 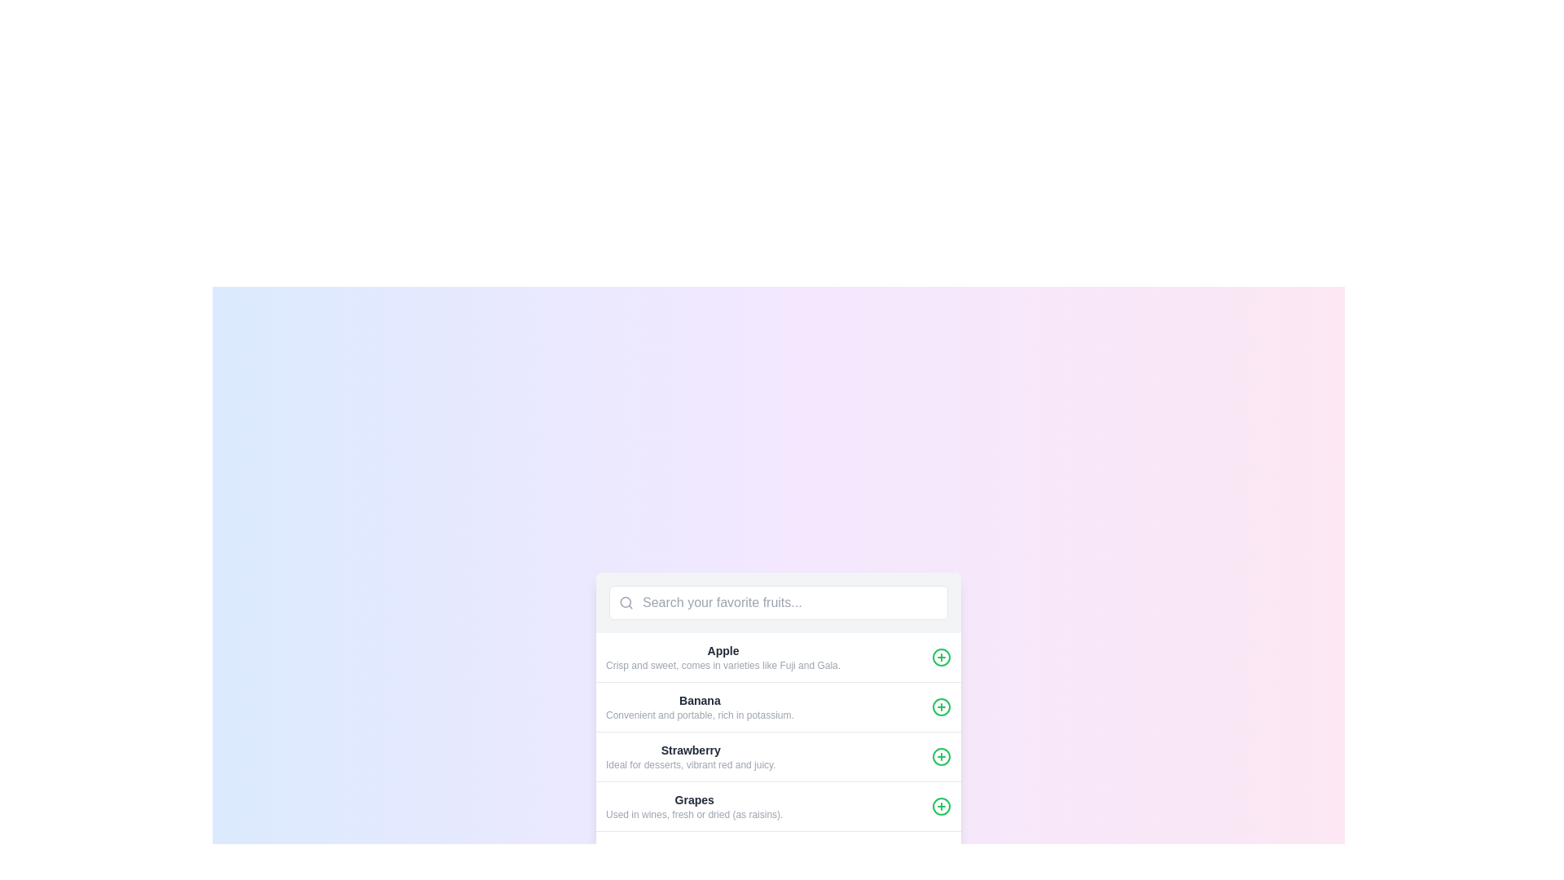 What do you see at coordinates (942, 807) in the screenshot?
I see `the button located in the far right section of the 'Grapes' row` at bounding box center [942, 807].